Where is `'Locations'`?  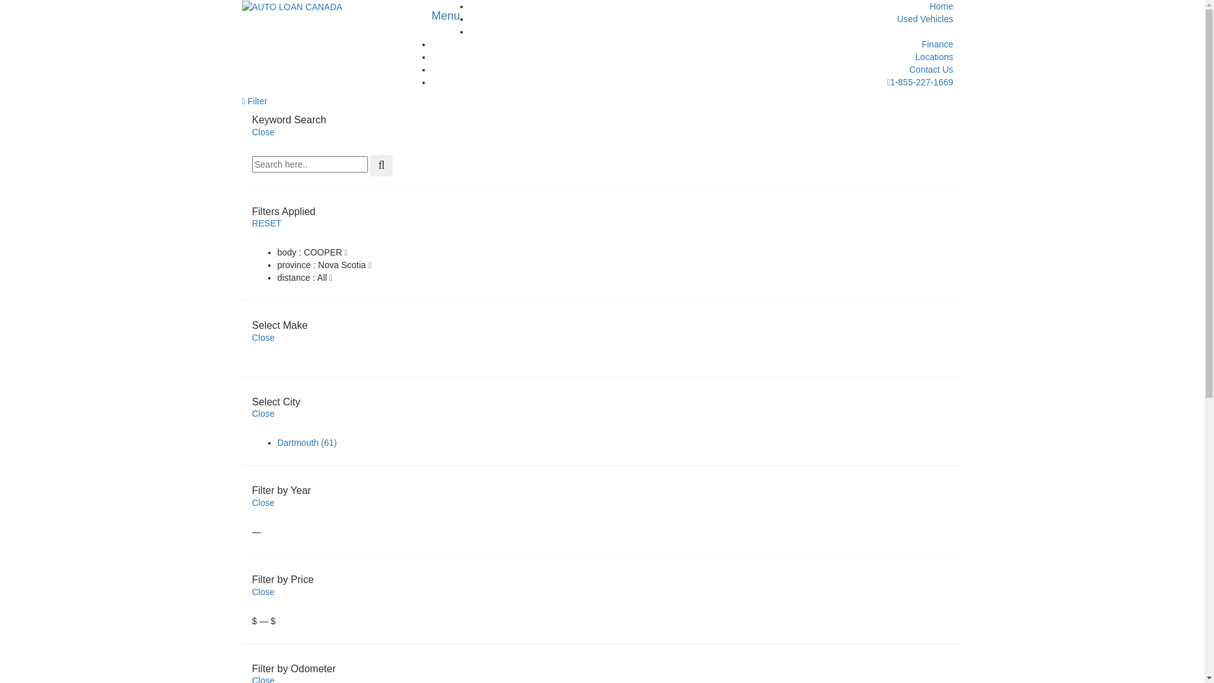 'Locations' is located at coordinates (935, 56).